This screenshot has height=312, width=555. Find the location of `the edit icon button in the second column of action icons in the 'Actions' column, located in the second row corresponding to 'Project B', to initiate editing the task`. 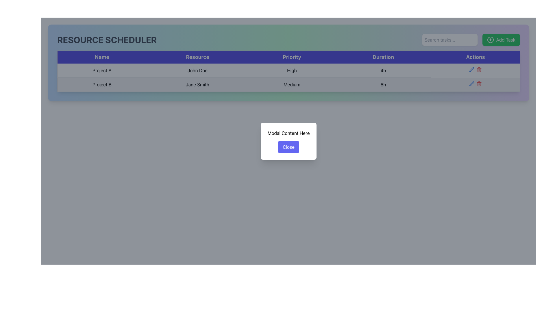

the edit icon button in the second column of action icons in the 'Actions' column, located in the second row corresponding to 'Project B', to initiate editing the task is located at coordinates (472, 83).